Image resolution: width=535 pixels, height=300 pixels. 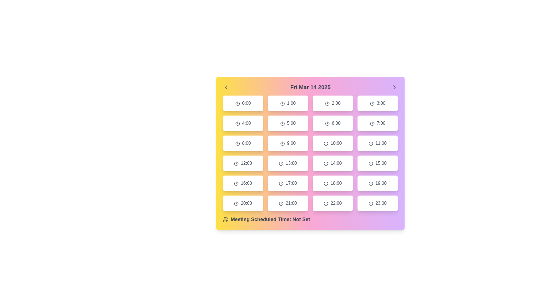 I want to click on the selectable time option button labeled '5:00' located in the second row and second column of the grid layout, so click(x=288, y=123).